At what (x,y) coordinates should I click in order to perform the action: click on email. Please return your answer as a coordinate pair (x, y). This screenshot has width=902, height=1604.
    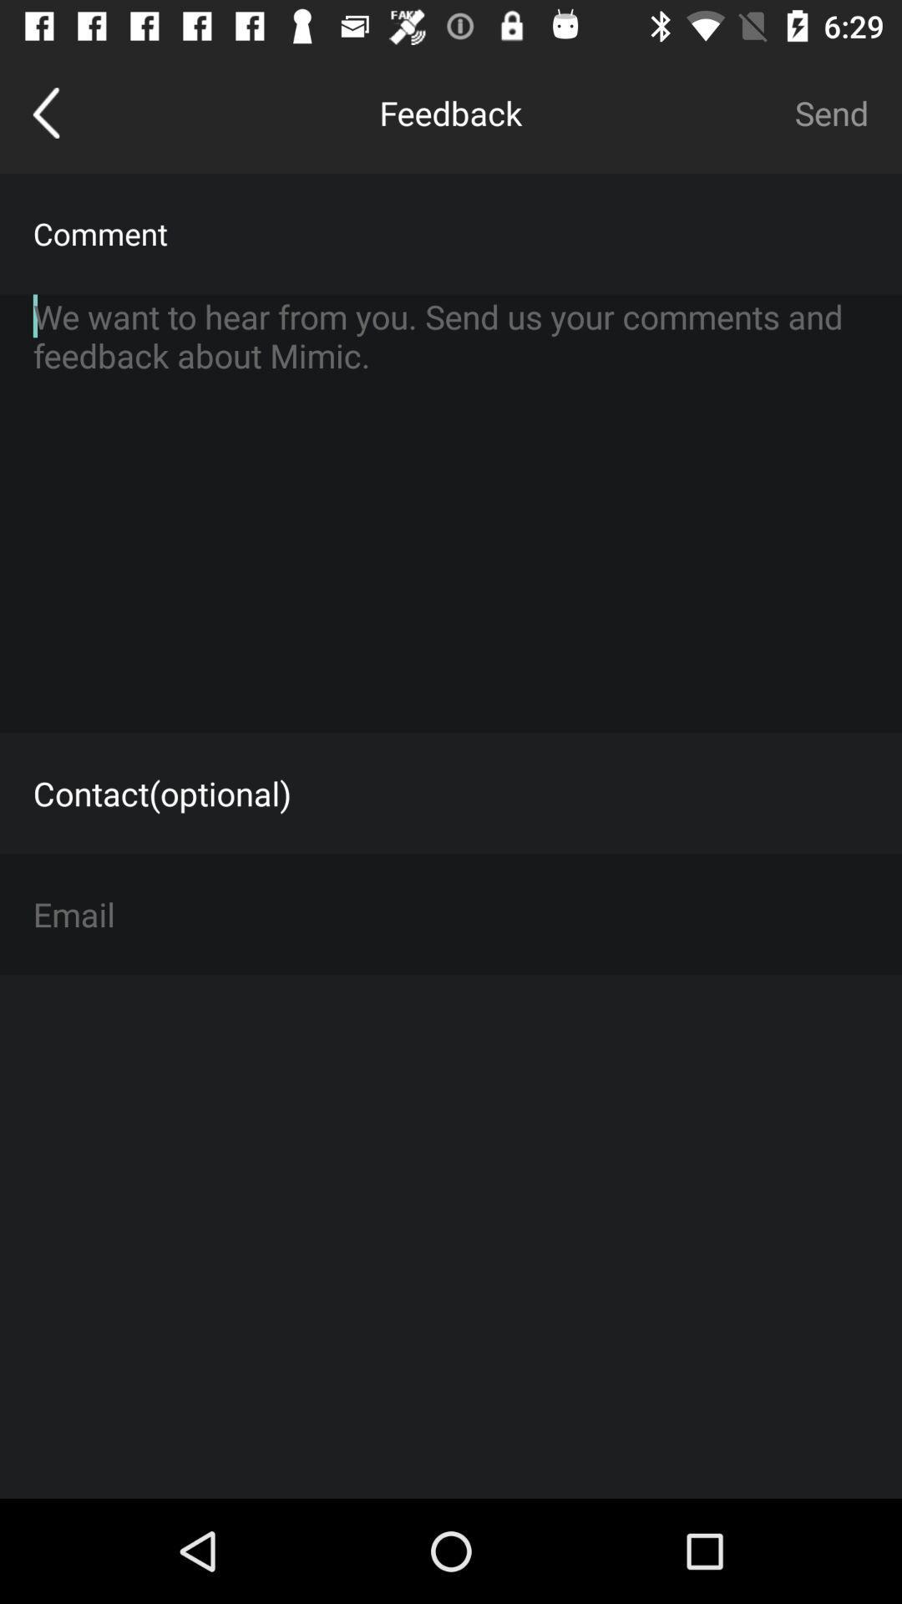
    Looking at the image, I should click on (451, 913).